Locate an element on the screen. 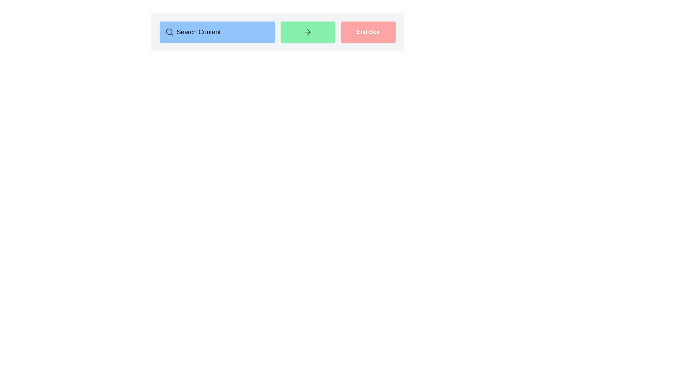 This screenshot has height=381, width=677. the circular element in the magnifying glass icon, which is part of the 'Search Content' button located at the far left is located at coordinates (169, 31).